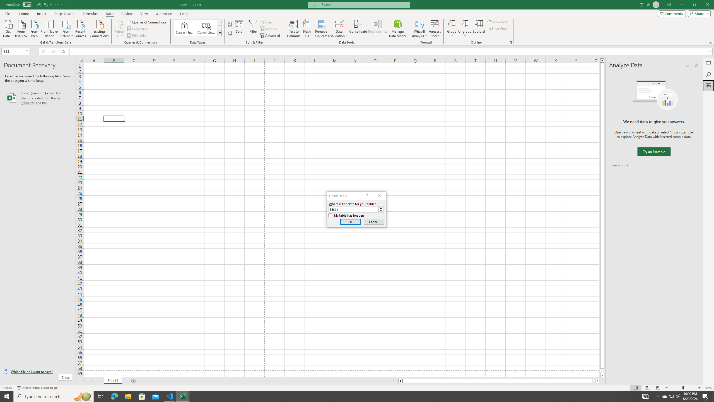 The width and height of the screenshot is (714, 402). I want to click on 'Data Validation...', so click(339, 23).